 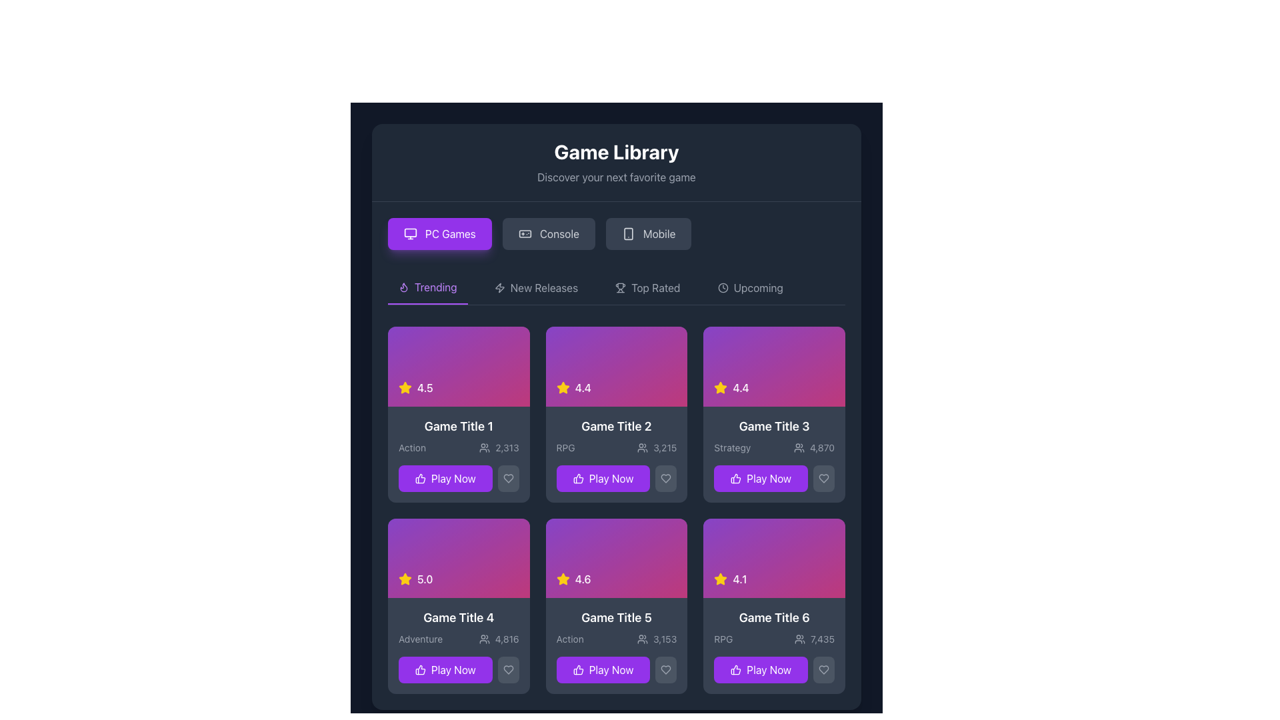 What do you see at coordinates (758, 287) in the screenshot?
I see `the 'Upcoming' text label in the navigation menu, which is the fourth item located at the far-right of the menu below the 'Game Library' header` at bounding box center [758, 287].